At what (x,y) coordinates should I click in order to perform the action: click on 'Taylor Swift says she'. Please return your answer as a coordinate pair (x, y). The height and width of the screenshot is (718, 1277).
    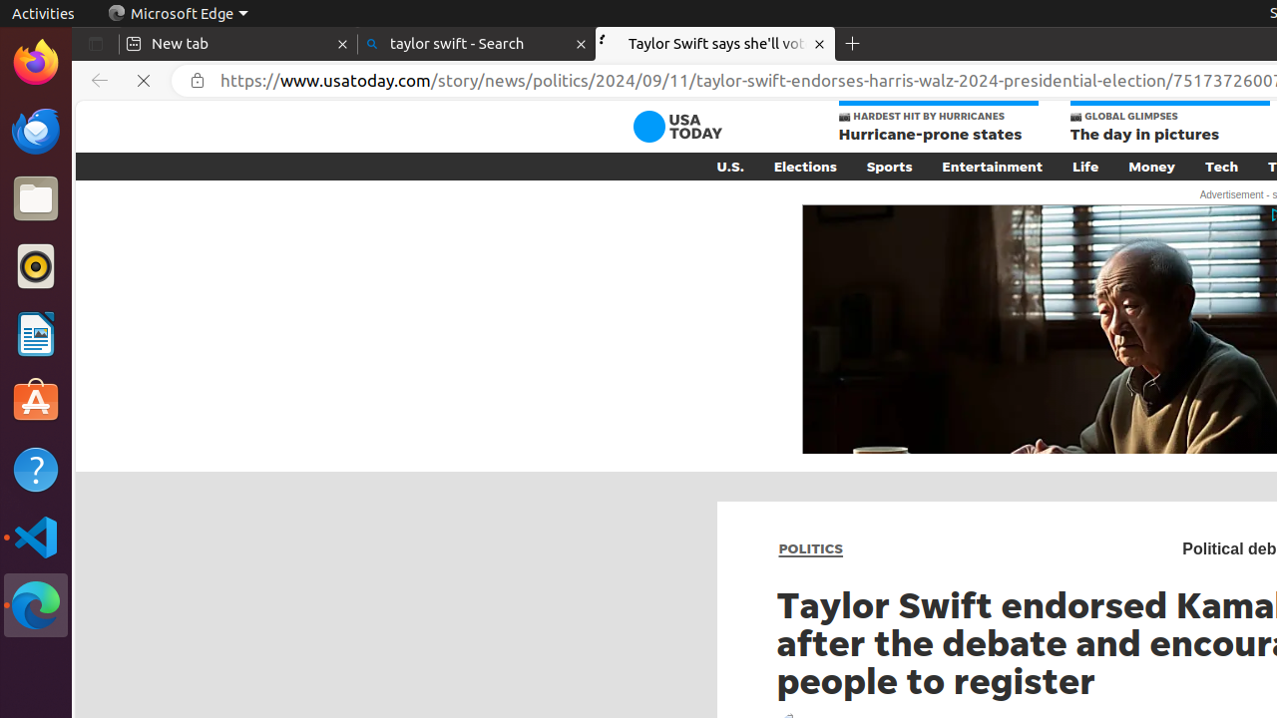
    Looking at the image, I should click on (715, 44).